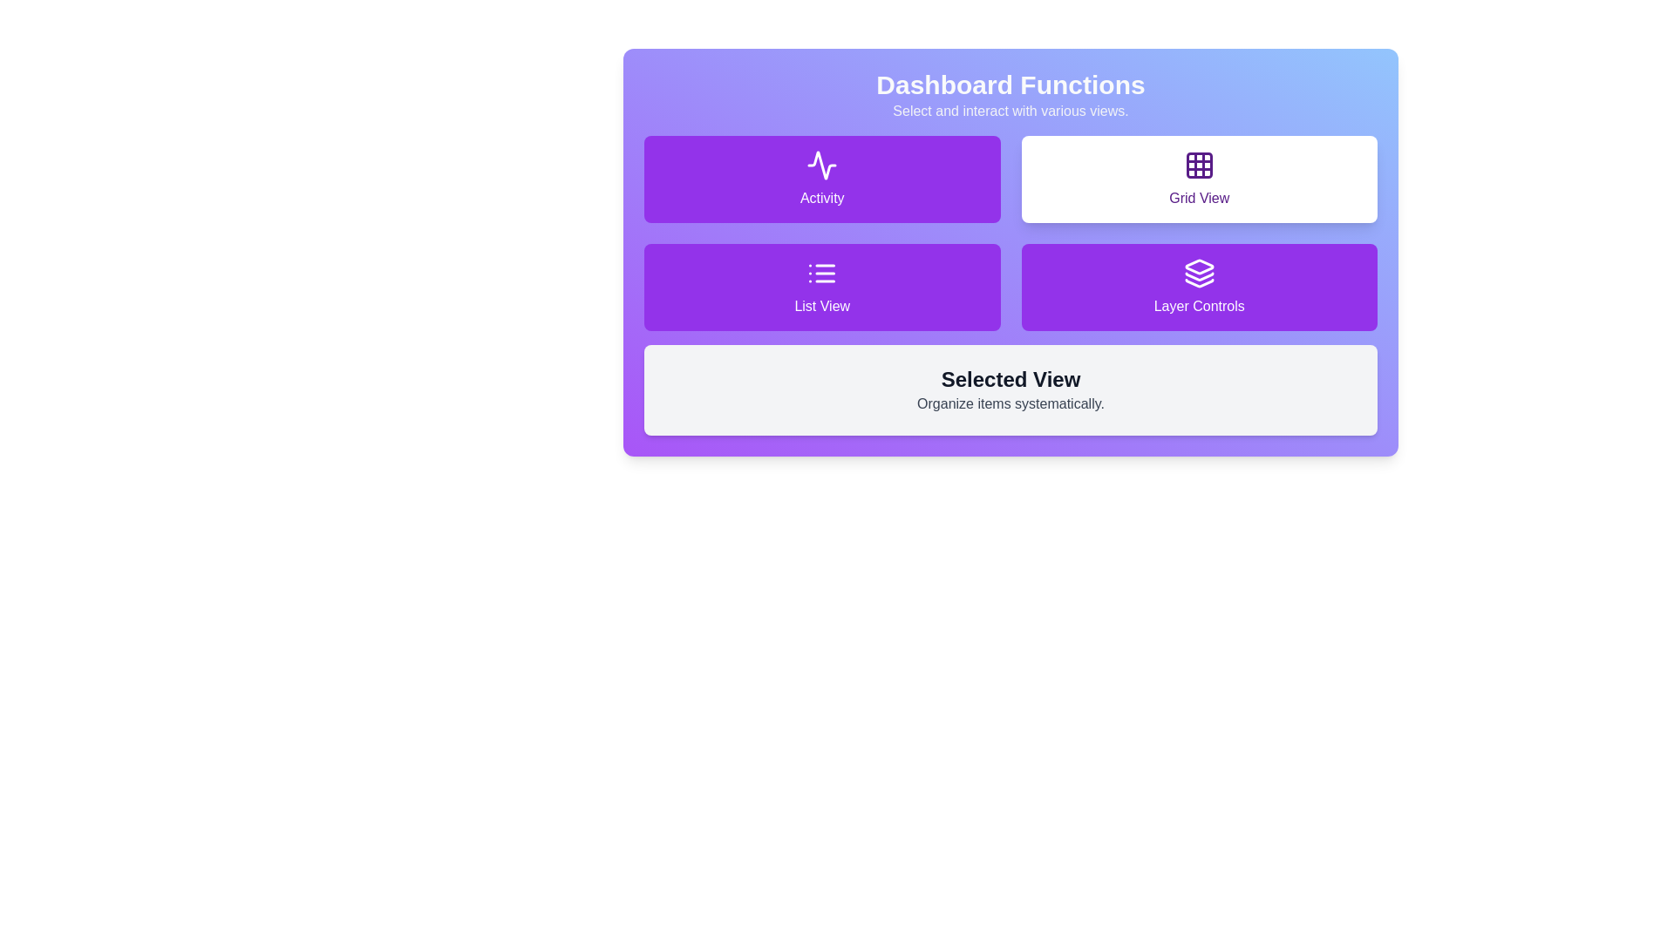  Describe the element at coordinates (821, 287) in the screenshot. I see `the rectangular button with a purple background and white text 'List View' to switch view` at that location.